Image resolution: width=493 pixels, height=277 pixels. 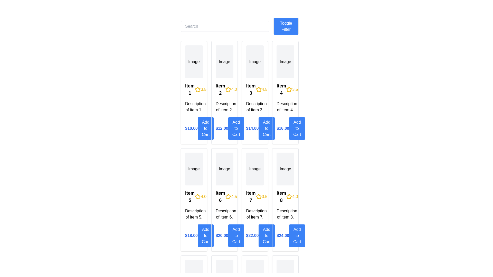 I want to click on the star-shaped rating icon, which is styled with a yellow stroke and is located to the left of the numeric rating '4.0' for 'Item 8' in the second row and fourth column of the item grid, so click(x=289, y=196).